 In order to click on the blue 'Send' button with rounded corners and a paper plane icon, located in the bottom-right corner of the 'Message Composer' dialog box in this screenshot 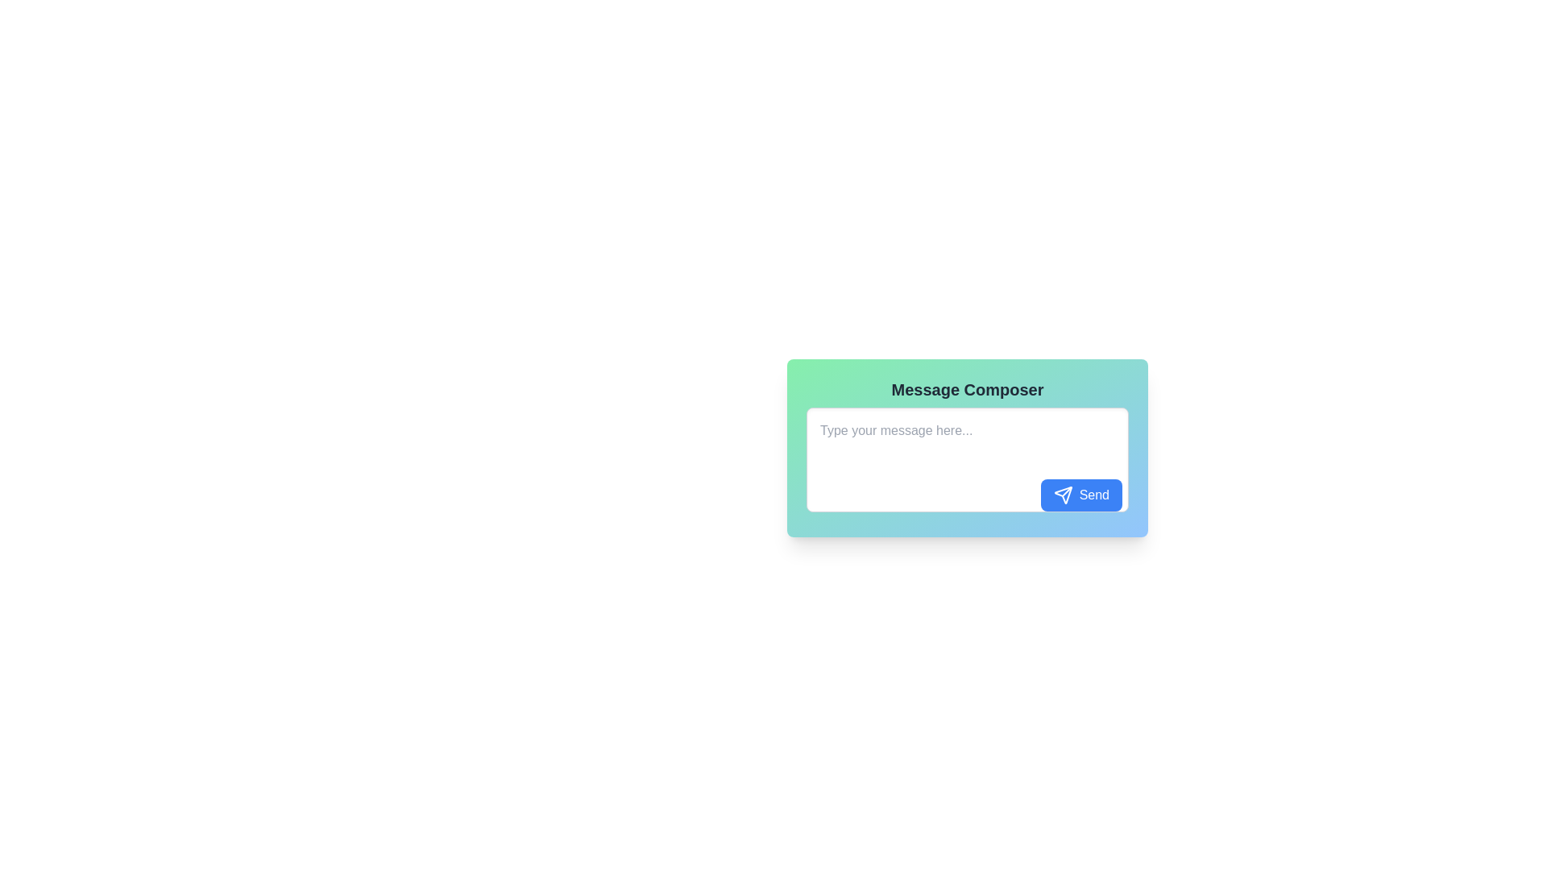, I will do `click(1081, 494)`.